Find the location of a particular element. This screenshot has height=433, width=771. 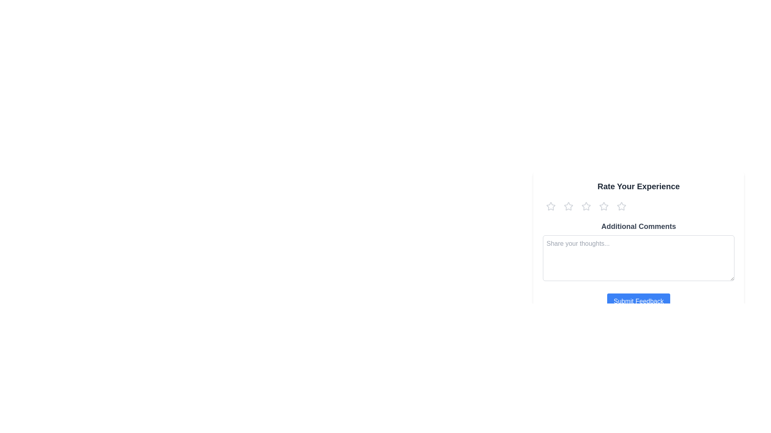

the second star rating icon located below the 'Rate Your Experience' heading is located at coordinates (586, 206).